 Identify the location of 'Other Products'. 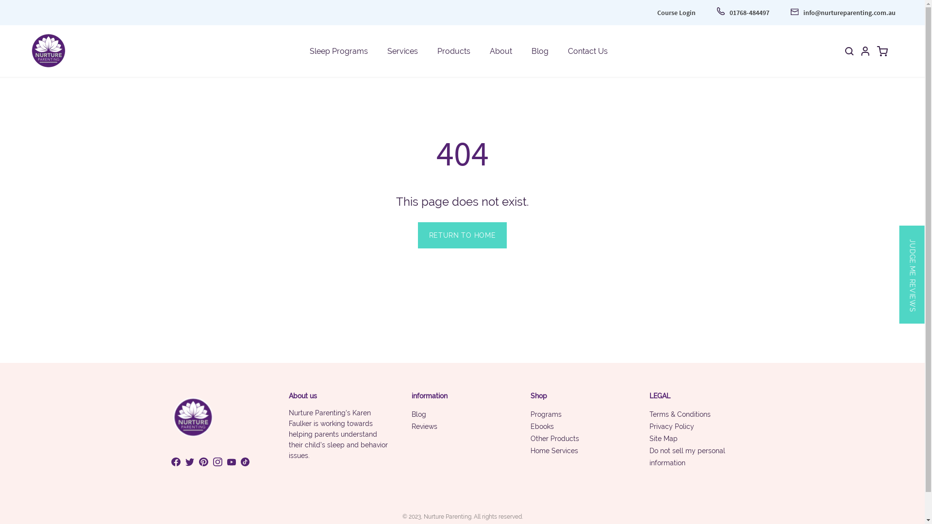
(554, 438).